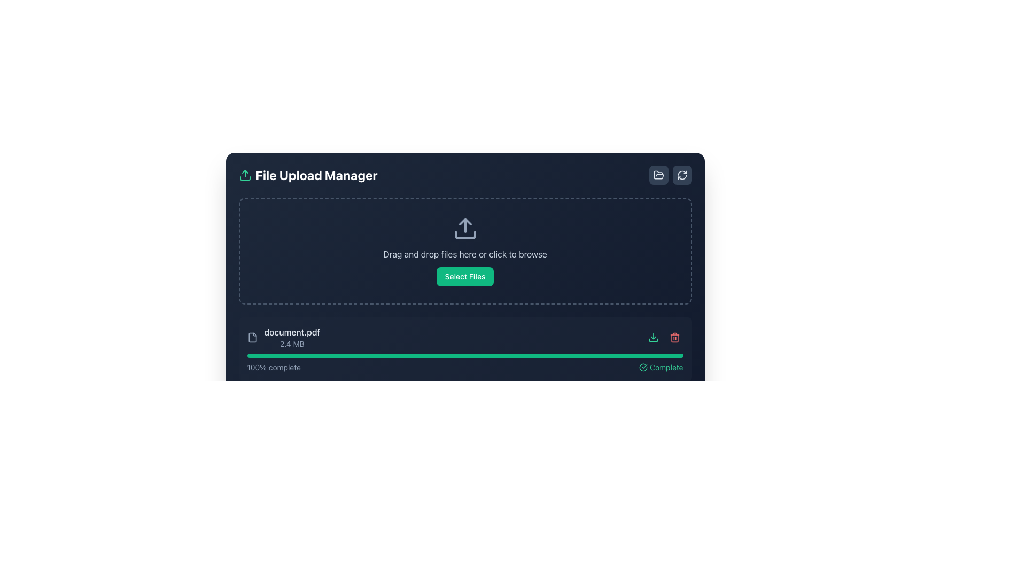 This screenshot has height=577, width=1026. What do you see at coordinates (465, 174) in the screenshot?
I see `the header of the File Upload Manager interface, which includes icons and a title text, from its current position` at bounding box center [465, 174].